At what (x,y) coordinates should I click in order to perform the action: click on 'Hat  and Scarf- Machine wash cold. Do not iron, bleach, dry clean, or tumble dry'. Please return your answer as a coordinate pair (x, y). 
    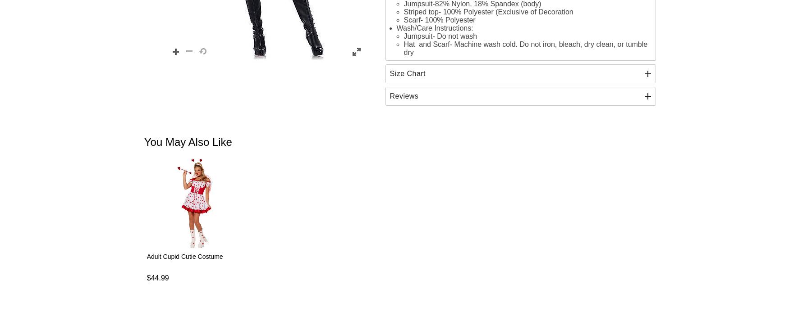
    Looking at the image, I should click on (525, 47).